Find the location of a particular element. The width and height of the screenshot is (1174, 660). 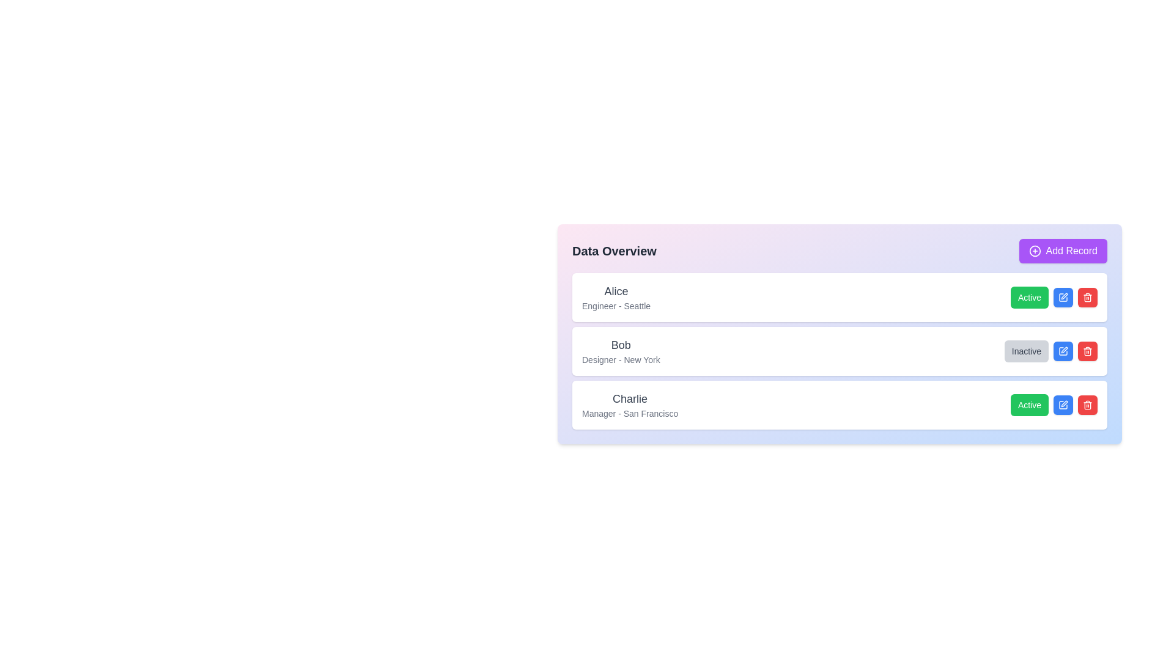

the pen icon inside the blue button located in the third row of the list is located at coordinates (1062, 405).